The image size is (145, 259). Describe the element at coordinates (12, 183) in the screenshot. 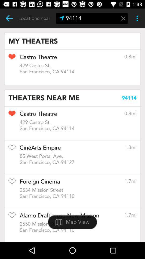

I see `like simple` at that location.